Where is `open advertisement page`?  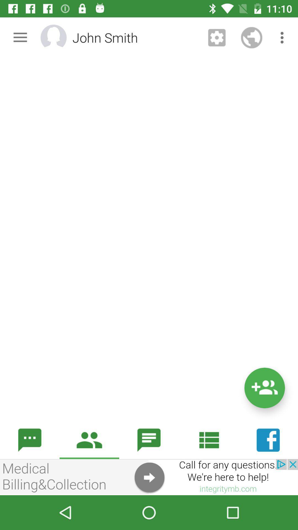 open advertisement page is located at coordinates (149, 477).